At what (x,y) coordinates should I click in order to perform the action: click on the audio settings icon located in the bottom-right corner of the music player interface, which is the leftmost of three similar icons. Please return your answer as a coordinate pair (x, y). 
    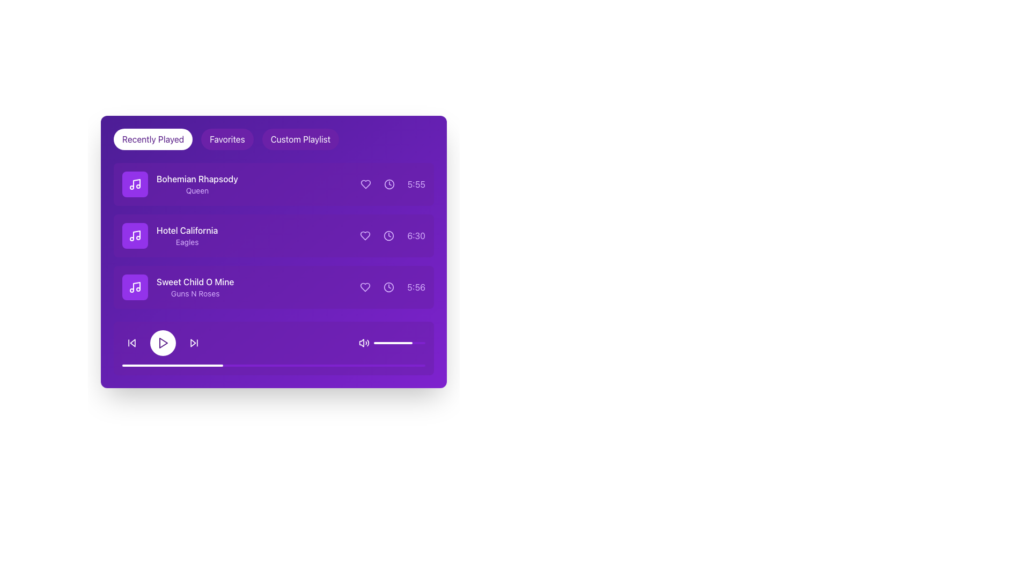
    Looking at the image, I should click on (362, 343).